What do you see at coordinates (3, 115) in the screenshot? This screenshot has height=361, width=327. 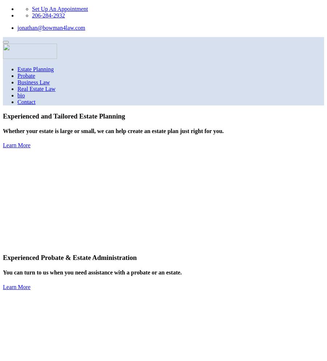 I see `'Experienced and Tailored Estate Planning'` at bounding box center [3, 115].